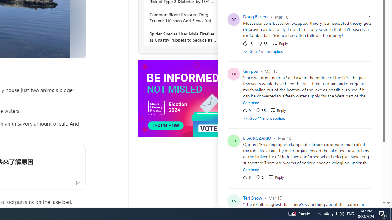 The height and width of the screenshot is (220, 392). What do you see at coordinates (77, 182) in the screenshot?
I see `'Ad Choice'` at bounding box center [77, 182].